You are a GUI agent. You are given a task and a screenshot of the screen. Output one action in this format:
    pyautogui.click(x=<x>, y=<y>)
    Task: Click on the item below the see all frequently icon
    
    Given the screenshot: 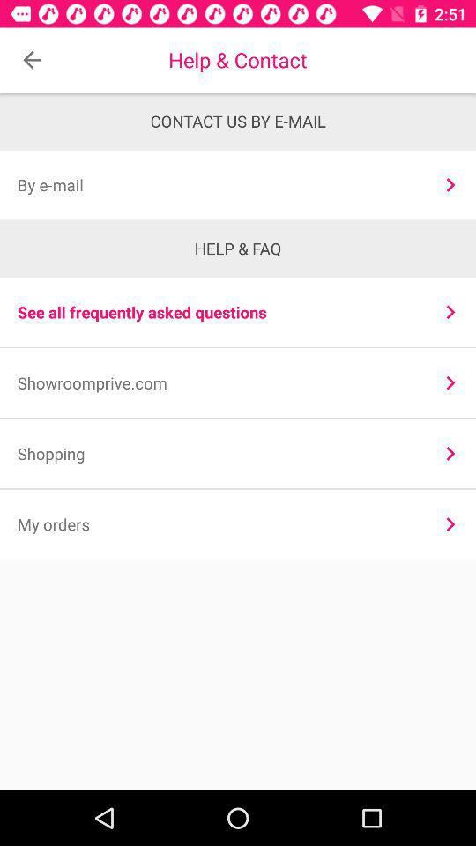 What is the action you would take?
    pyautogui.click(x=450, y=382)
    